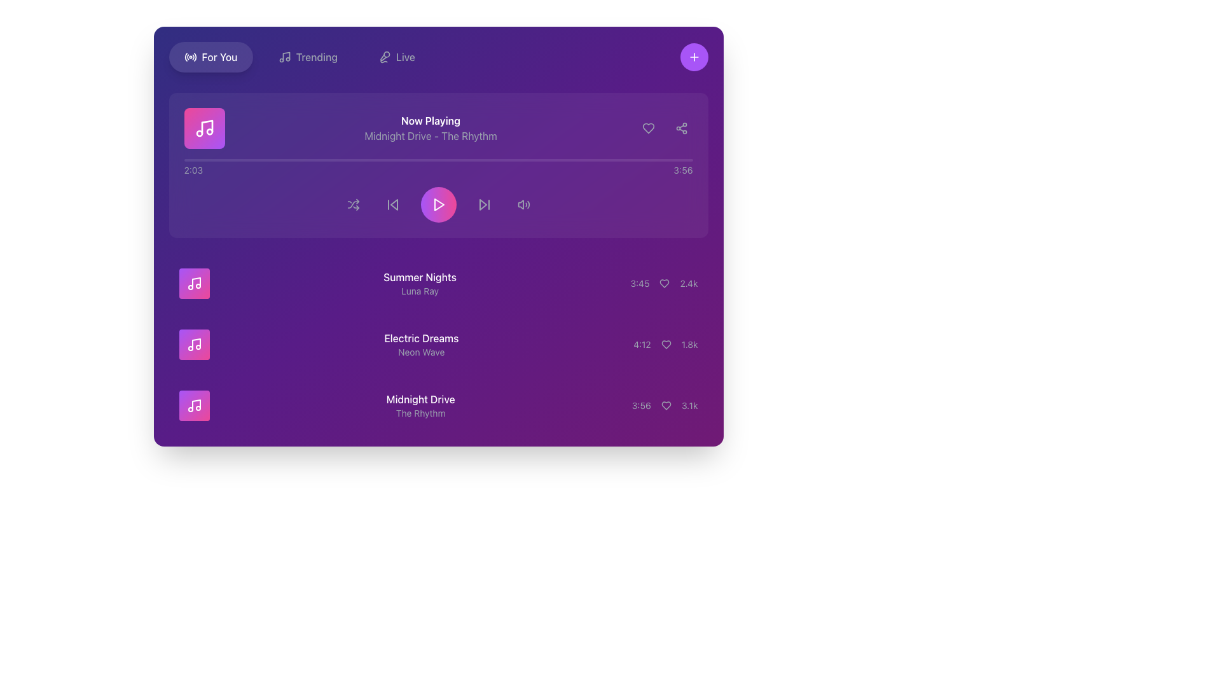  What do you see at coordinates (648, 128) in the screenshot?
I see `the 'like' icon button located in the 'Now Playing' section` at bounding box center [648, 128].